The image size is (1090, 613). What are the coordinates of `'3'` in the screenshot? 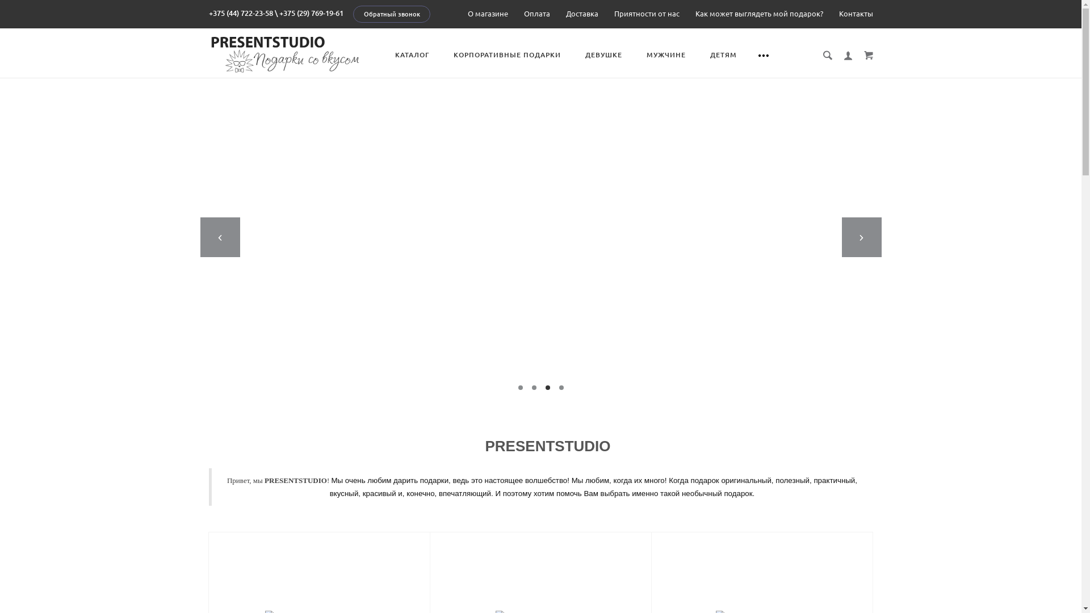 It's located at (545, 387).